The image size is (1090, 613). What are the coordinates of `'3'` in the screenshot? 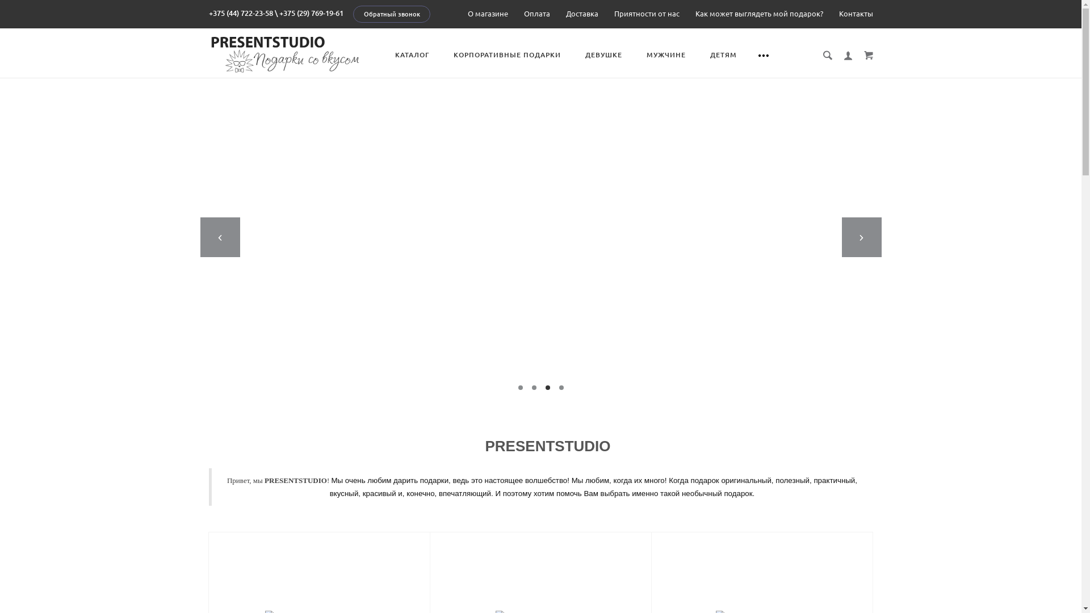 It's located at (545, 387).